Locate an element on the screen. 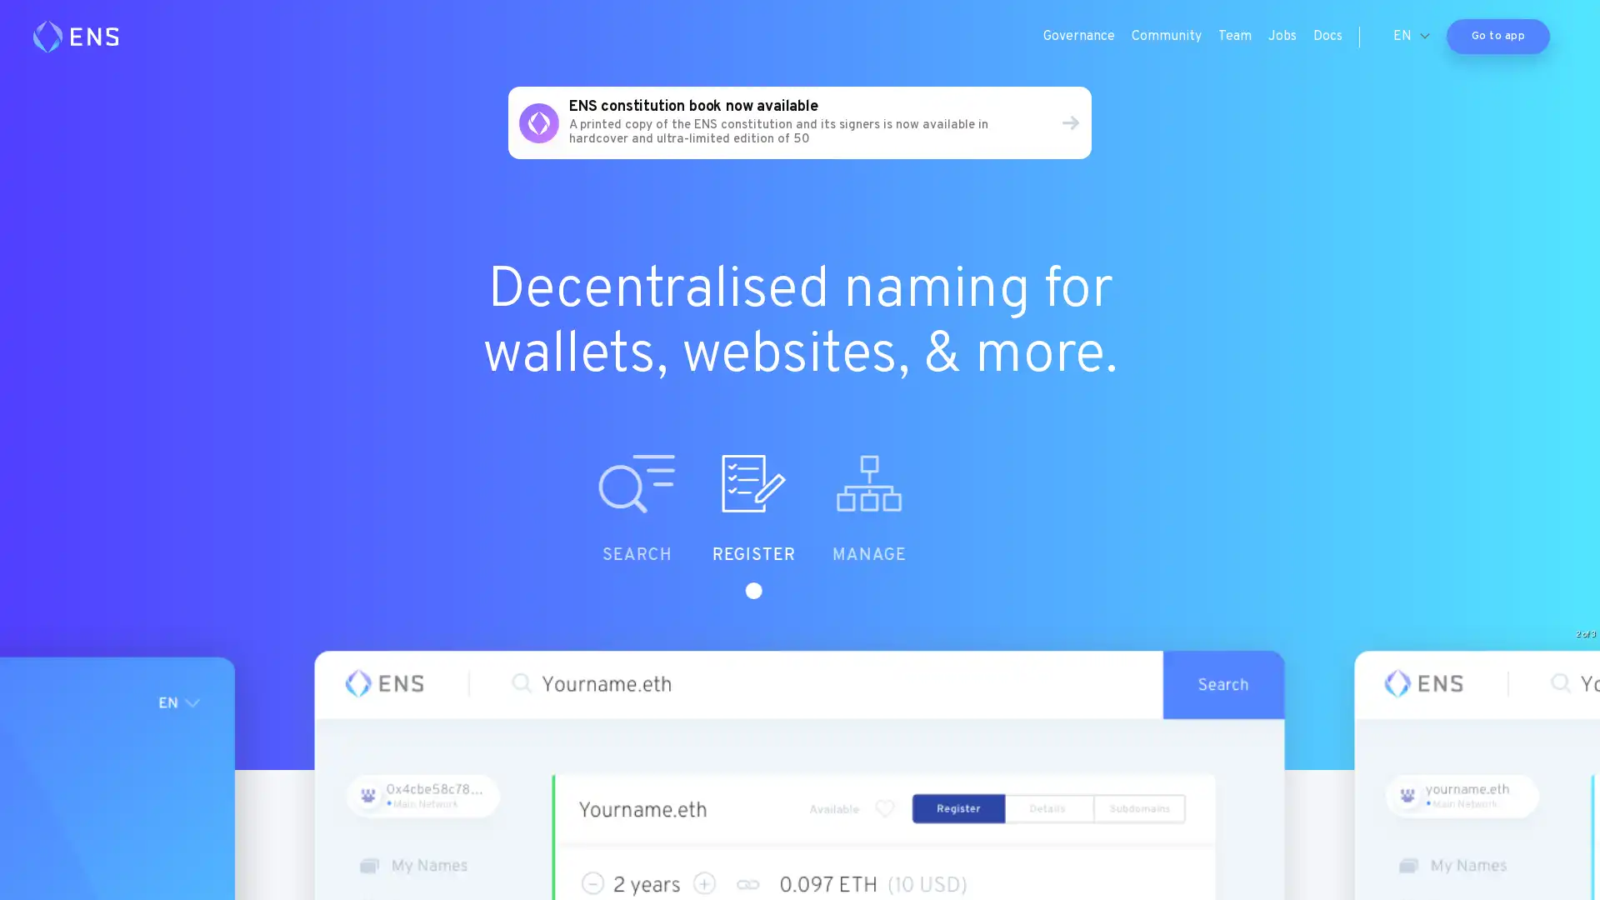  slide item 2 is located at coordinates (817, 527).